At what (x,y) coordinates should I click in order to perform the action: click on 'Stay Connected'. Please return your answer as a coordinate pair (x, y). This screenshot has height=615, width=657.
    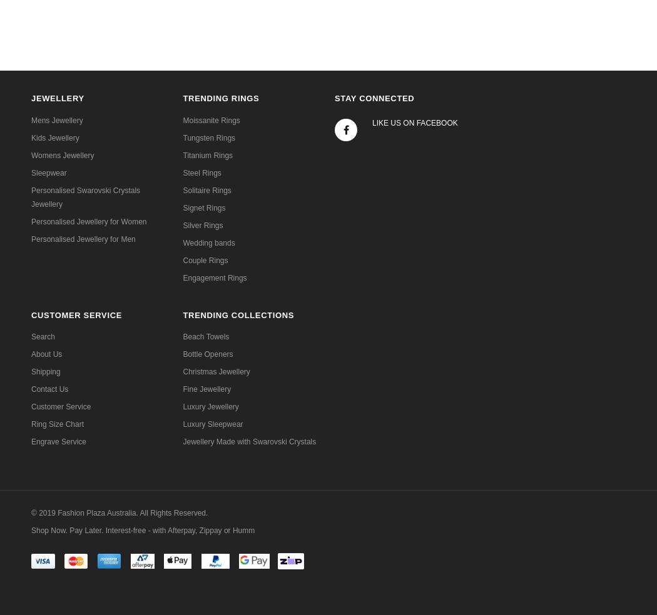
    Looking at the image, I should click on (374, 98).